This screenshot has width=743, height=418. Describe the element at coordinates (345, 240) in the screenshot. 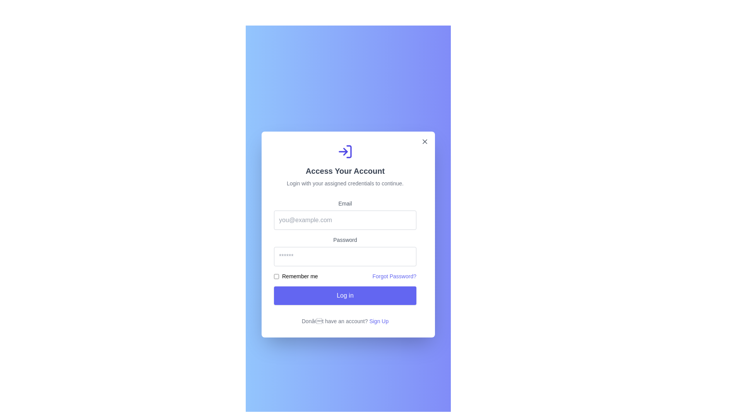

I see `the label element that provides context for the password input field, which is positioned slightly below the center of the login form and above the password input field` at that location.